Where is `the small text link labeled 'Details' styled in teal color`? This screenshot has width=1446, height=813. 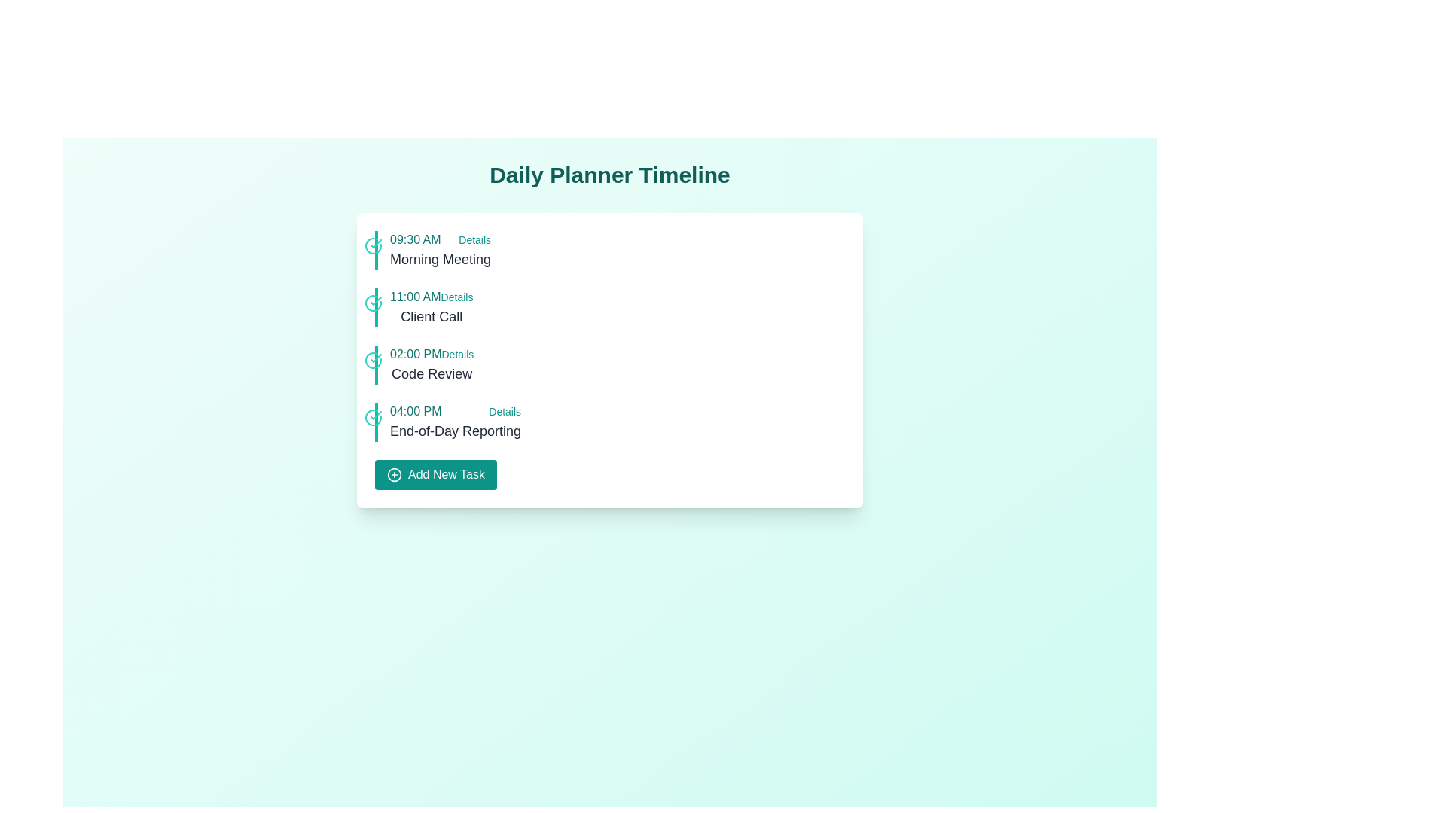 the small text link labeled 'Details' styled in teal color is located at coordinates (474, 239).